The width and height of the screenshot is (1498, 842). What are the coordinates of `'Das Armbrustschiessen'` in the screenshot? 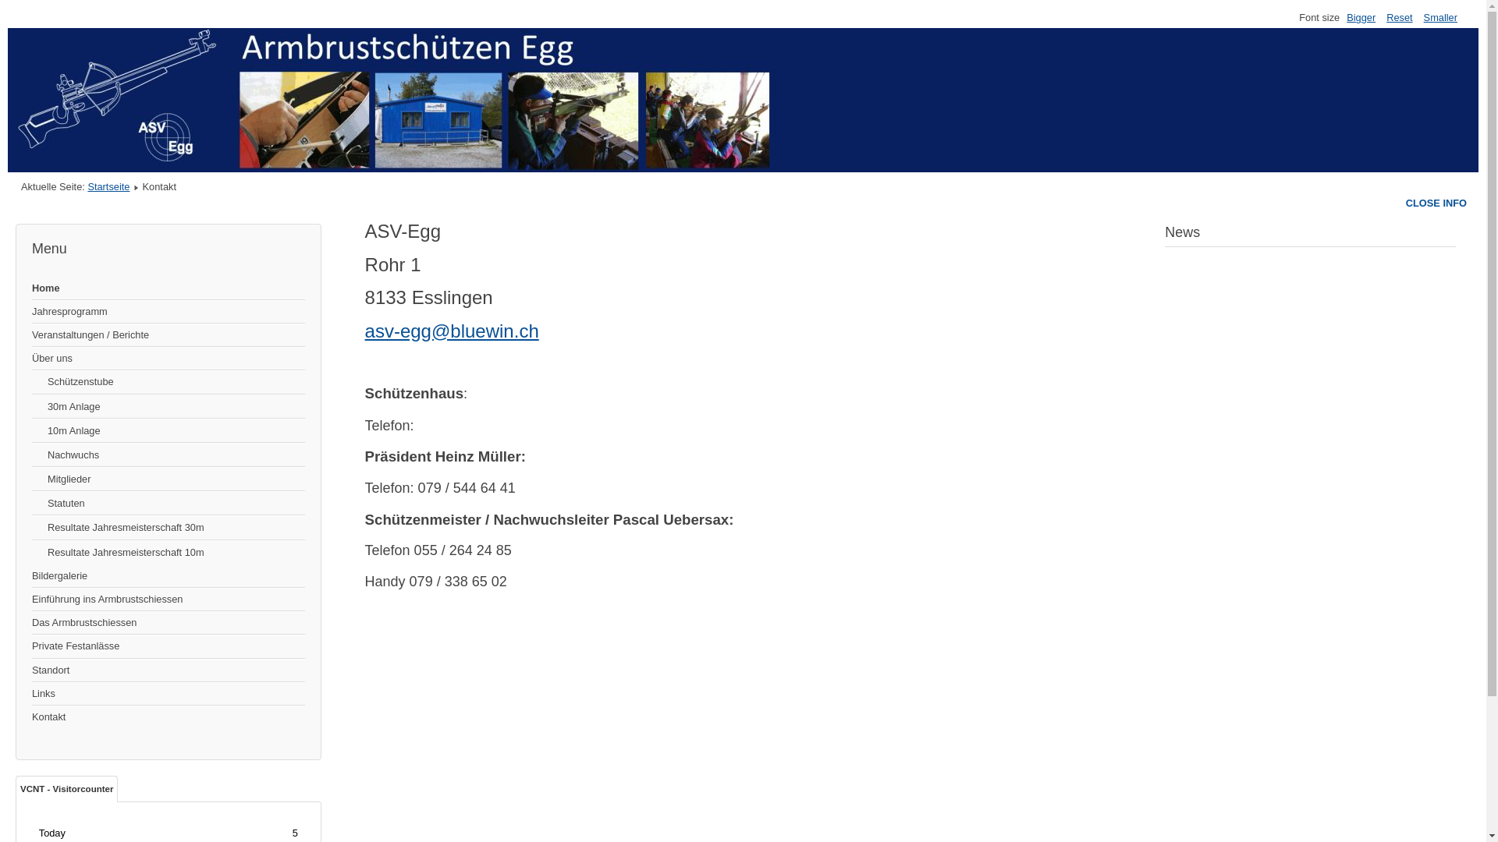 It's located at (169, 621).